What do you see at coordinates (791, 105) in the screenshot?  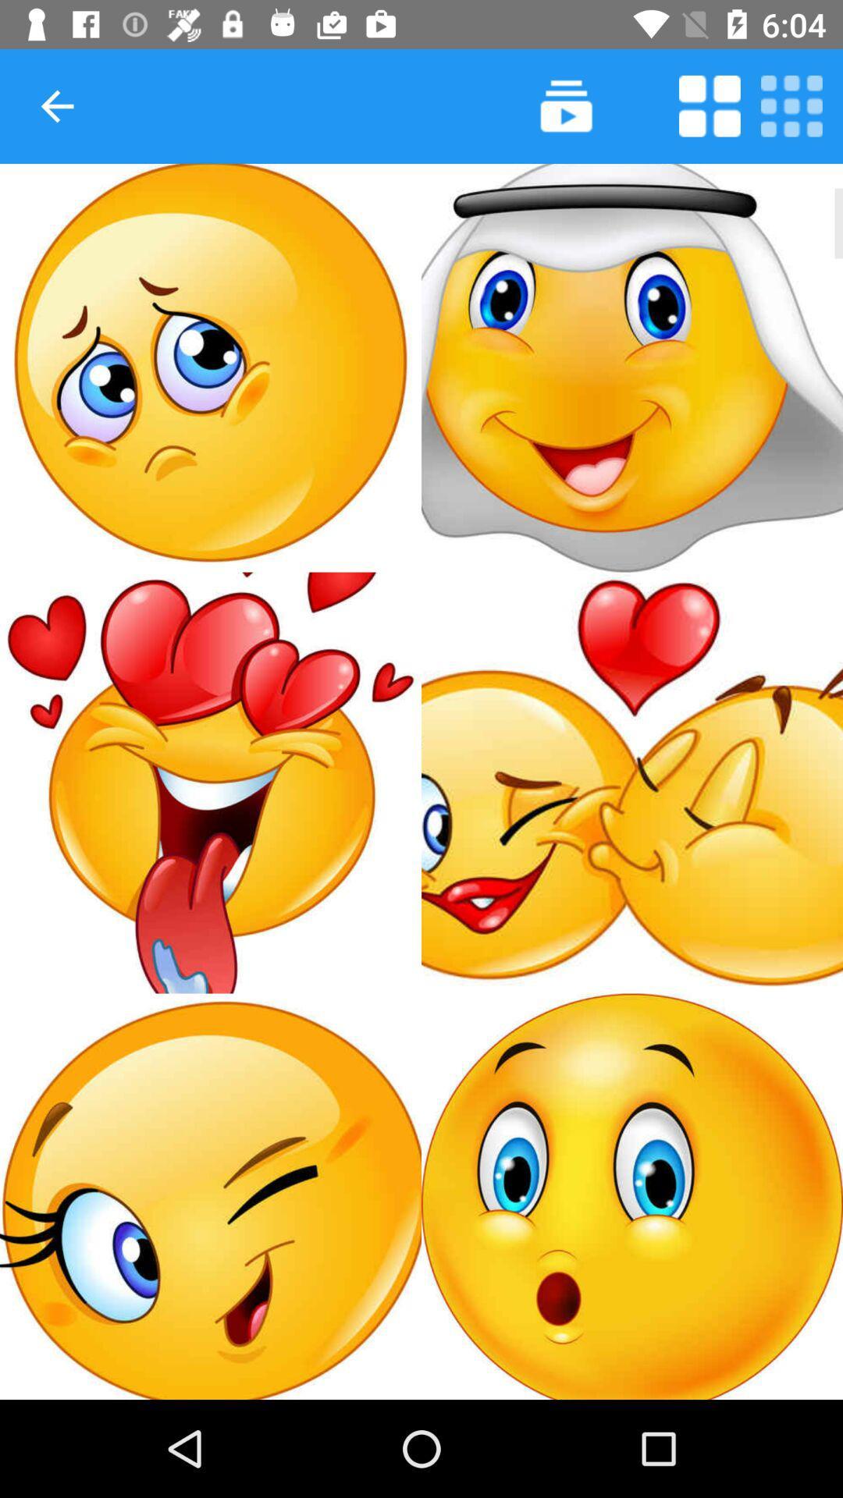 I see `autoplay option` at bounding box center [791, 105].